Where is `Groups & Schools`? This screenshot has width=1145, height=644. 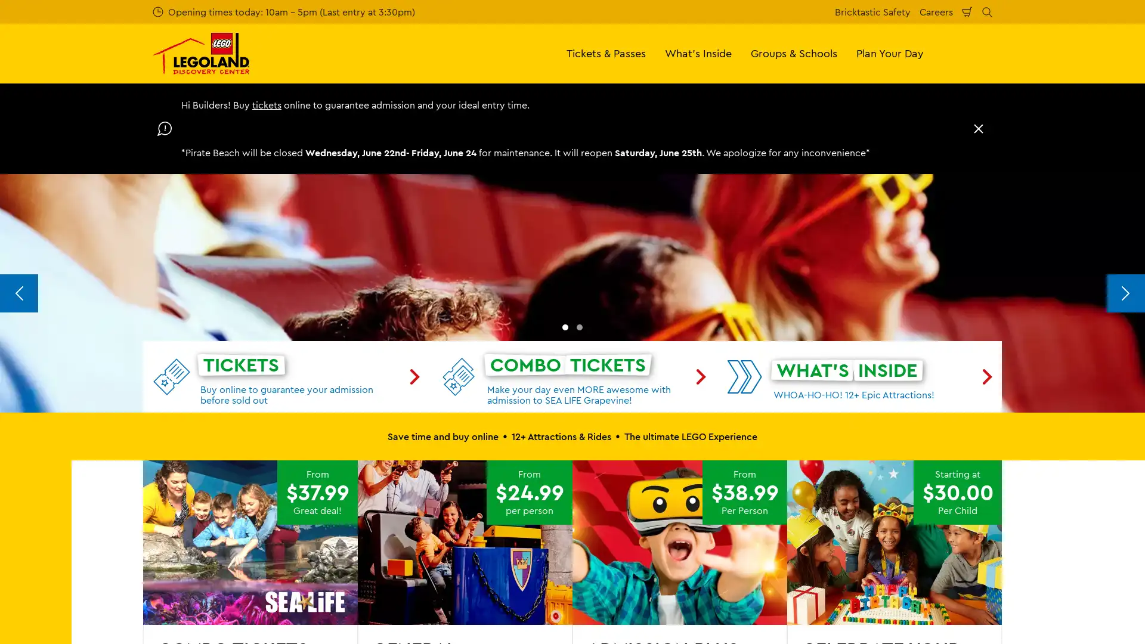
Groups & Schools is located at coordinates (794, 52).